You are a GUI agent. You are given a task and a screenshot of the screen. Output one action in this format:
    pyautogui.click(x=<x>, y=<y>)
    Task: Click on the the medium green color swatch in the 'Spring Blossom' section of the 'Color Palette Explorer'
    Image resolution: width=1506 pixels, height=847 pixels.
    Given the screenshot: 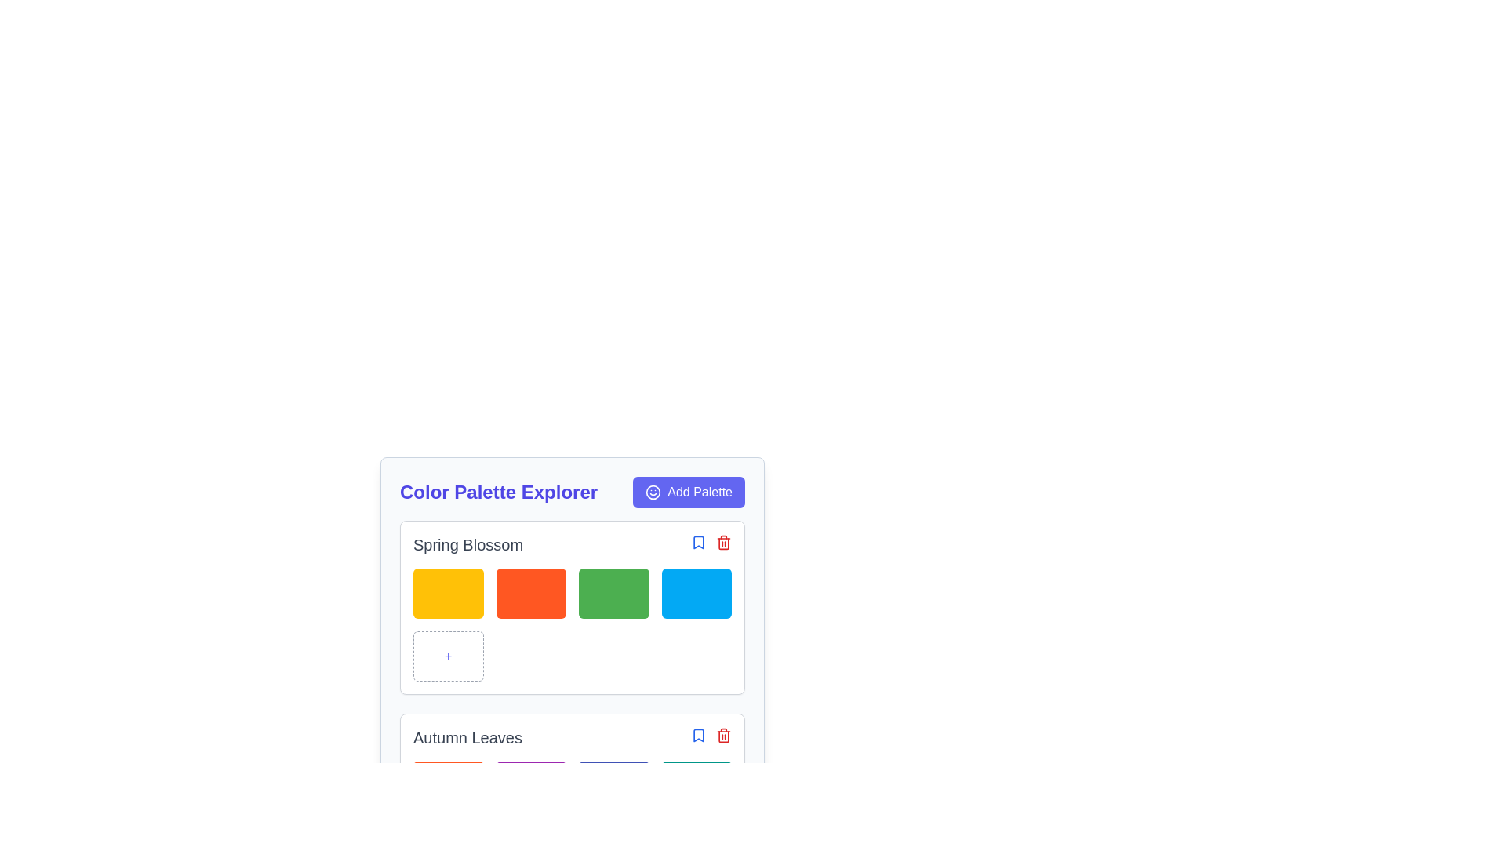 What is the action you would take?
    pyautogui.click(x=571, y=600)
    